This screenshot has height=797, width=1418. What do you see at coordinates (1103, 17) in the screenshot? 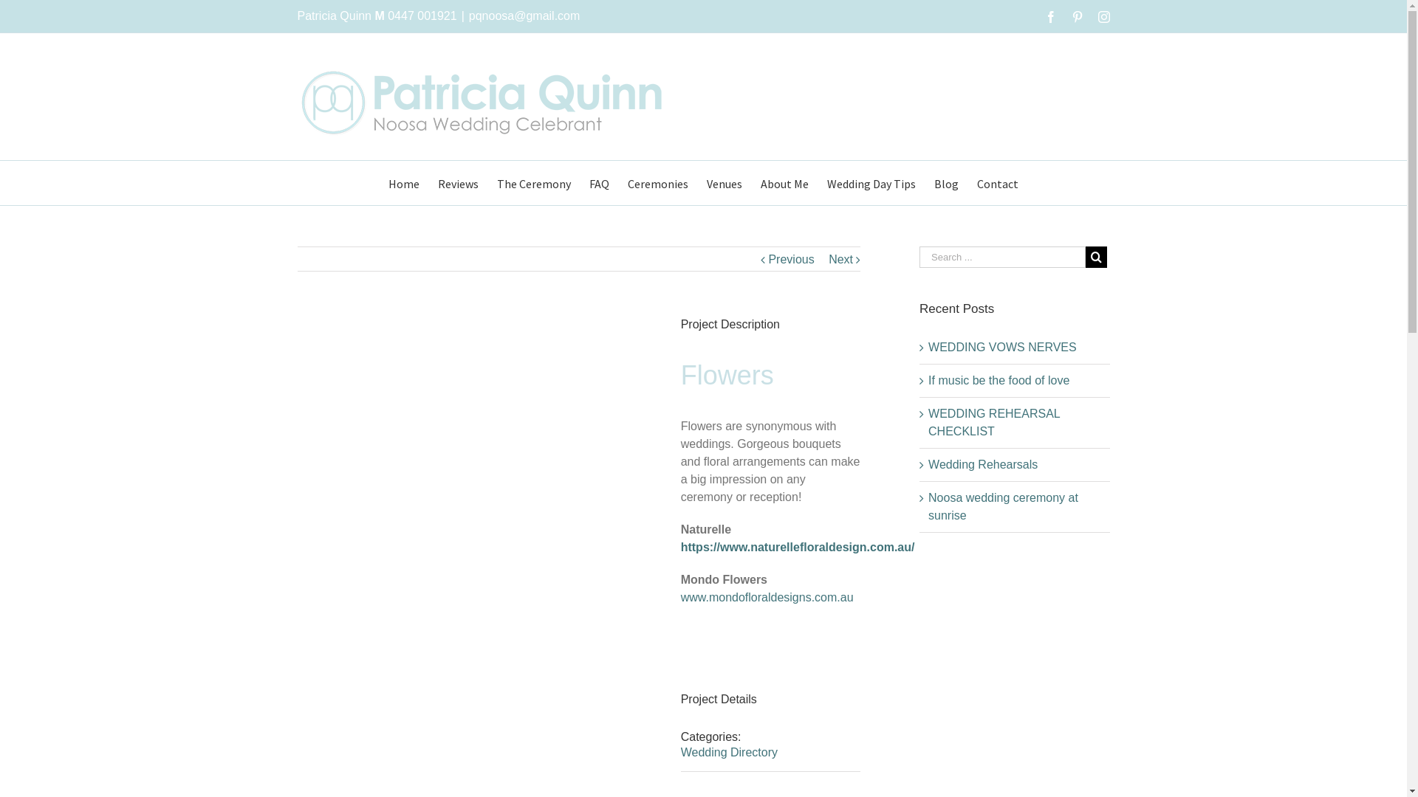
I see `'Instagram'` at bounding box center [1103, 17].